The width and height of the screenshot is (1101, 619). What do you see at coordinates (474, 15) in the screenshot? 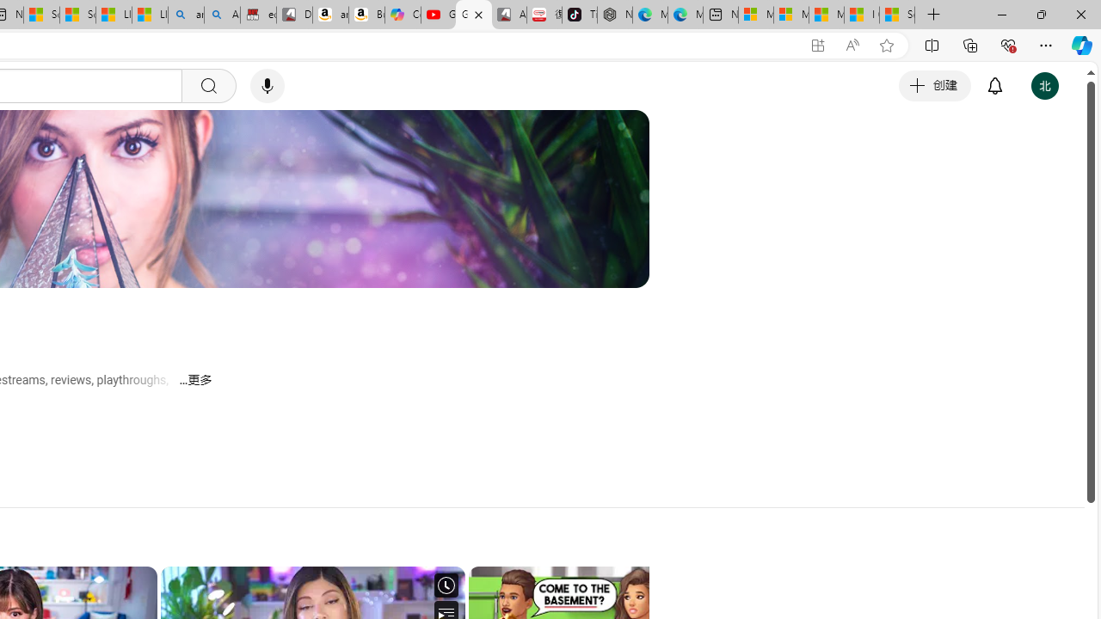
I see `'Gloom - YouTube'` at bounding box center [474, 15].